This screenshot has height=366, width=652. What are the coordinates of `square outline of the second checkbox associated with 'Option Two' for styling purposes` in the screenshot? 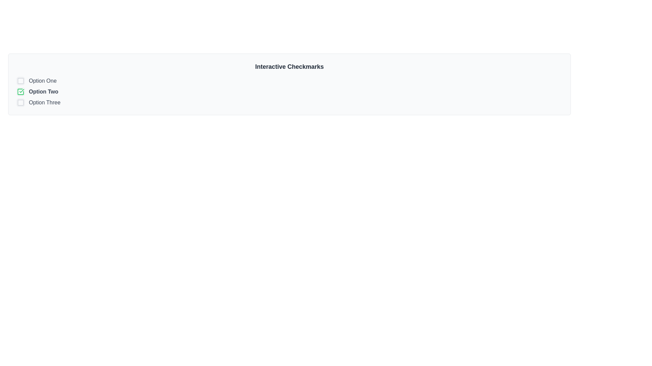 It's located at (21, 91).